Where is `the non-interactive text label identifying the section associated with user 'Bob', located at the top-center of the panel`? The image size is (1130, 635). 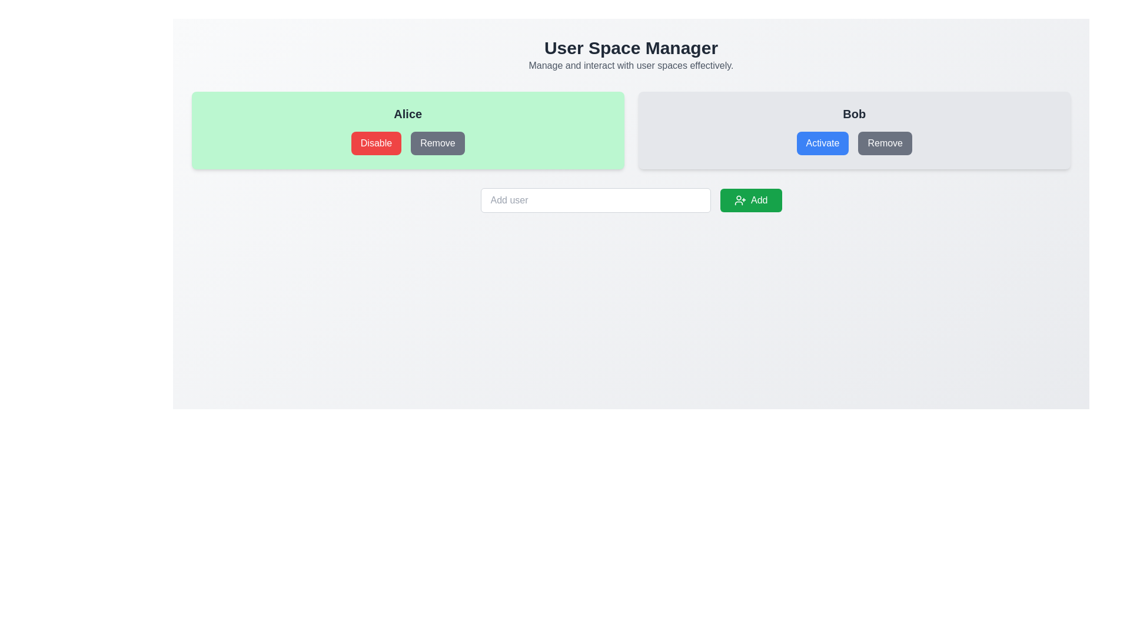
the non-interactive text label identifying the section associated with user 'Bob', located at the top-center of the panel is located at coordinates (854, 113).